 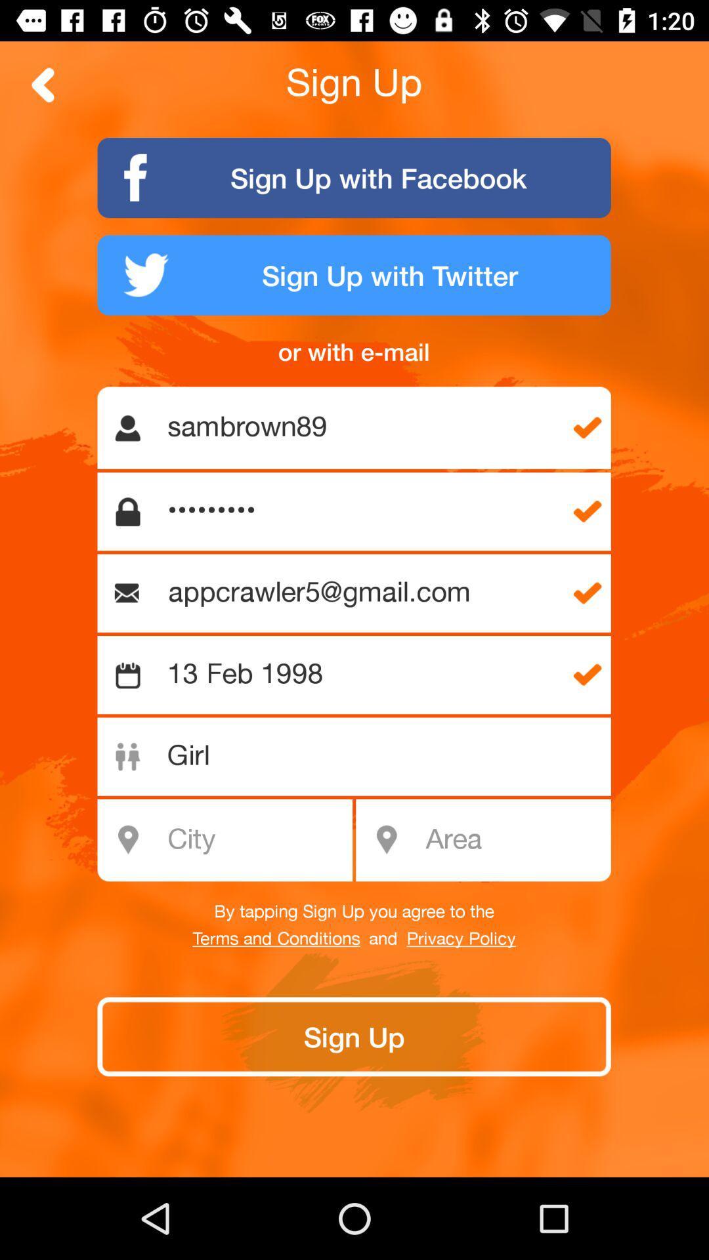 I want to click on city here, so click(x=232, y=840).